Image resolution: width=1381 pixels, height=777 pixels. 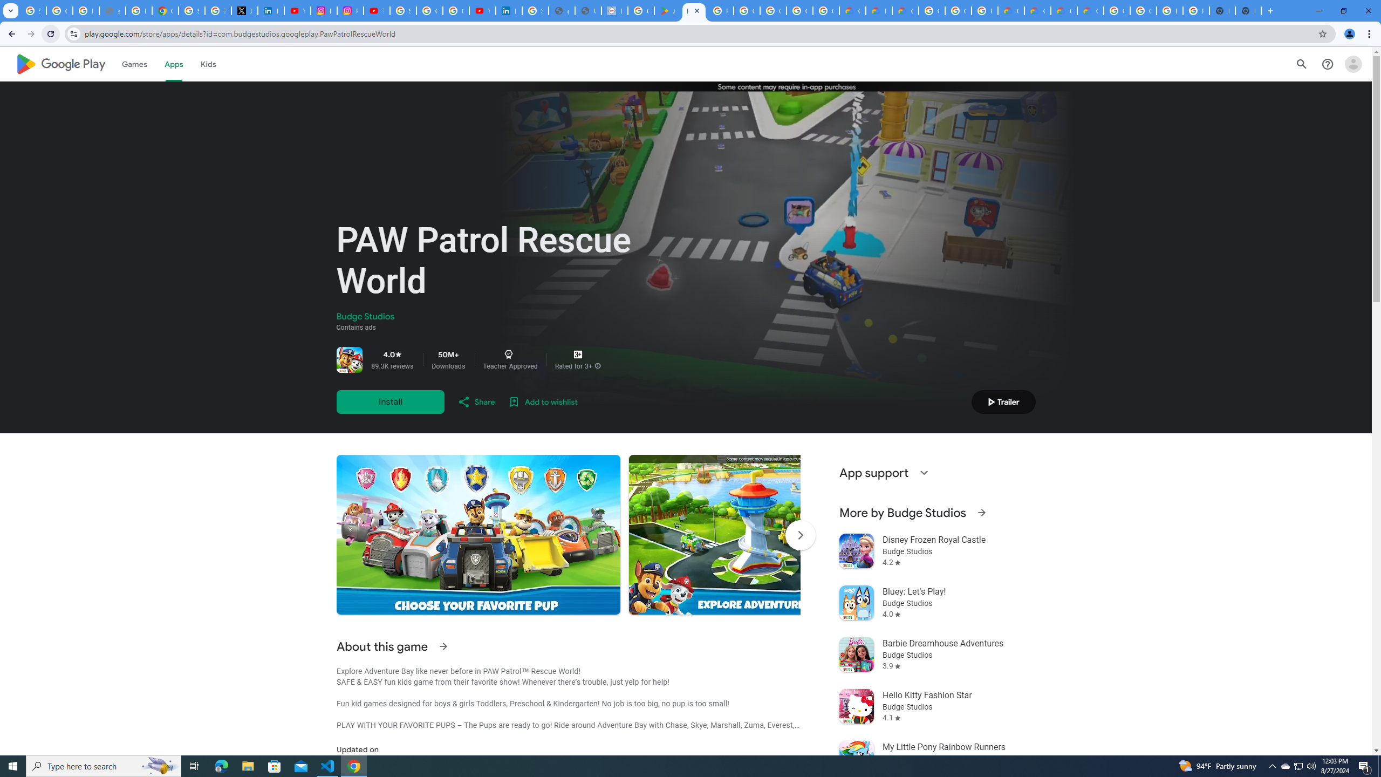 I want to click on 'YouTube Content Monetization Policies - How YouTube Works', so click(x=297, y=10).